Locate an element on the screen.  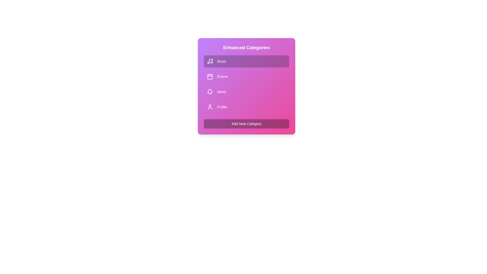
the category Alerts to select it is located at coordinates (246, 92).